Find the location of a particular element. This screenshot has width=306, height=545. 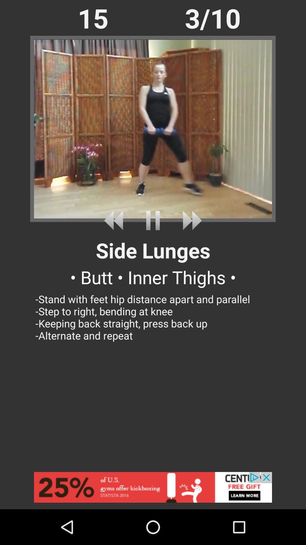

it is to preview the vedio or to open the previews vedio is located at coordinates (115, 220).